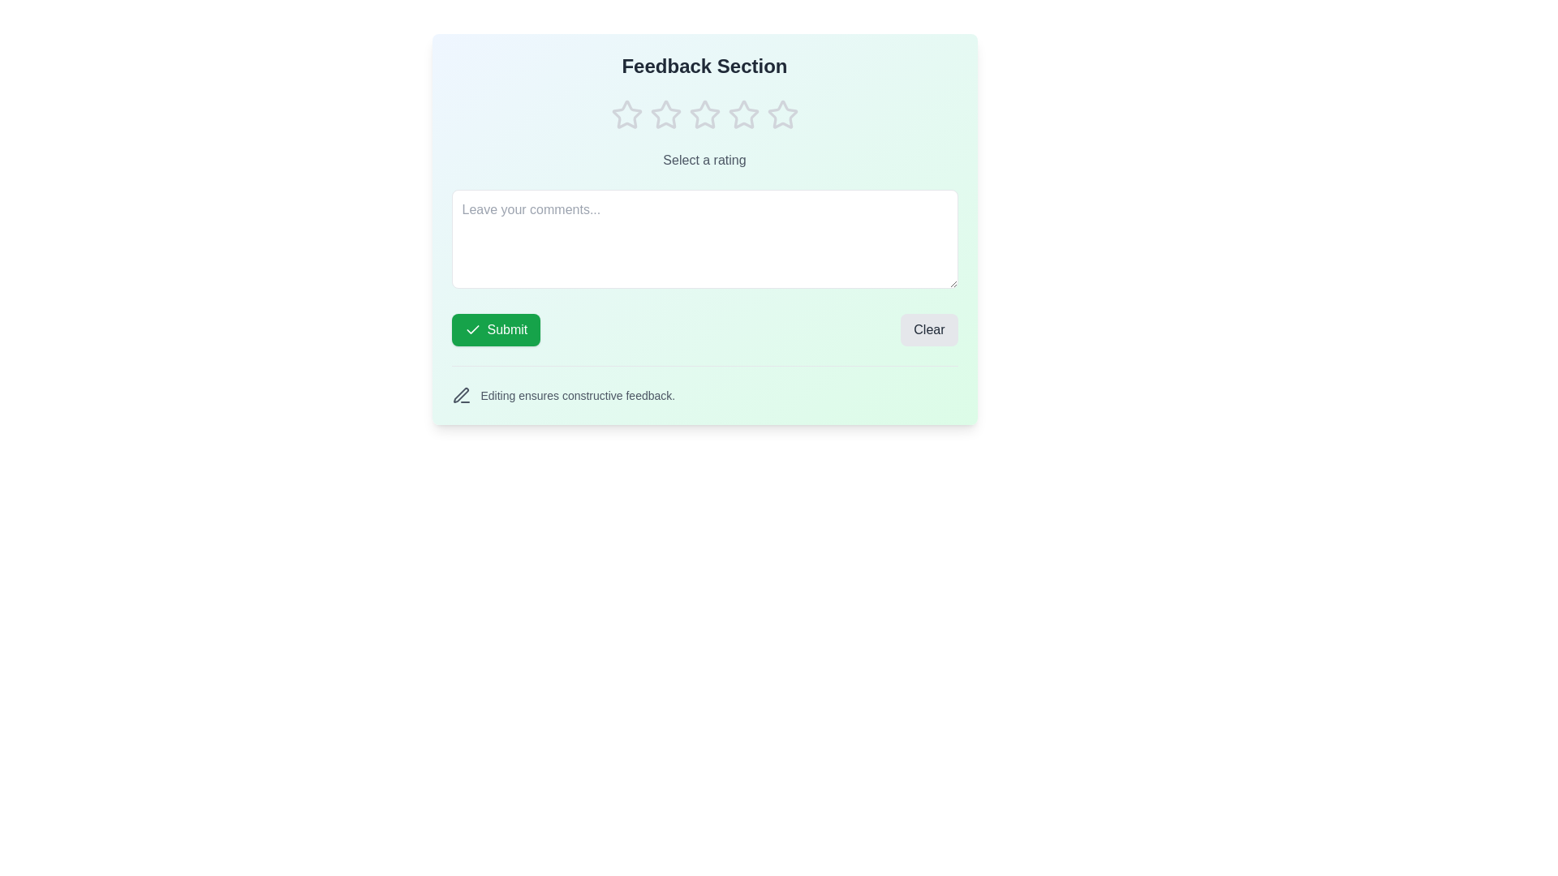  Describe the element at coordinates (782, 114) in the screenshot. I see `the fifth star icon in the row of rating stars below the 'Feedback Section' title` at that location.